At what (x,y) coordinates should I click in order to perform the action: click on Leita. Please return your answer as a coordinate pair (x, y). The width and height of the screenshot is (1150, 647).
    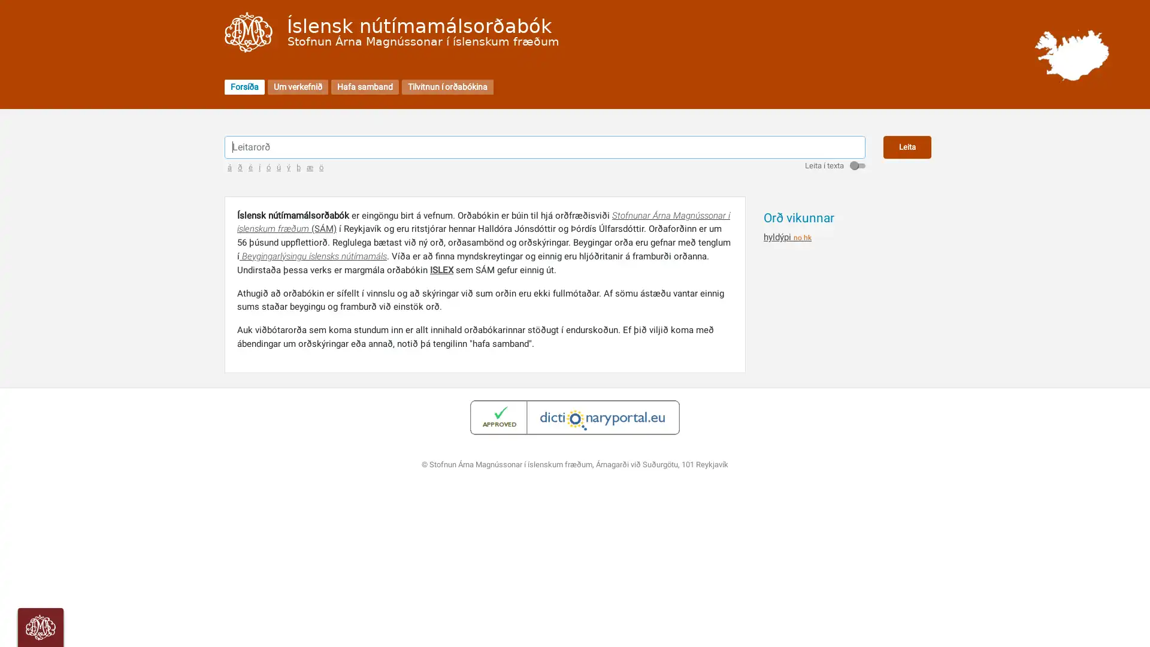
    Looking at the image, I should click on (907, 146).